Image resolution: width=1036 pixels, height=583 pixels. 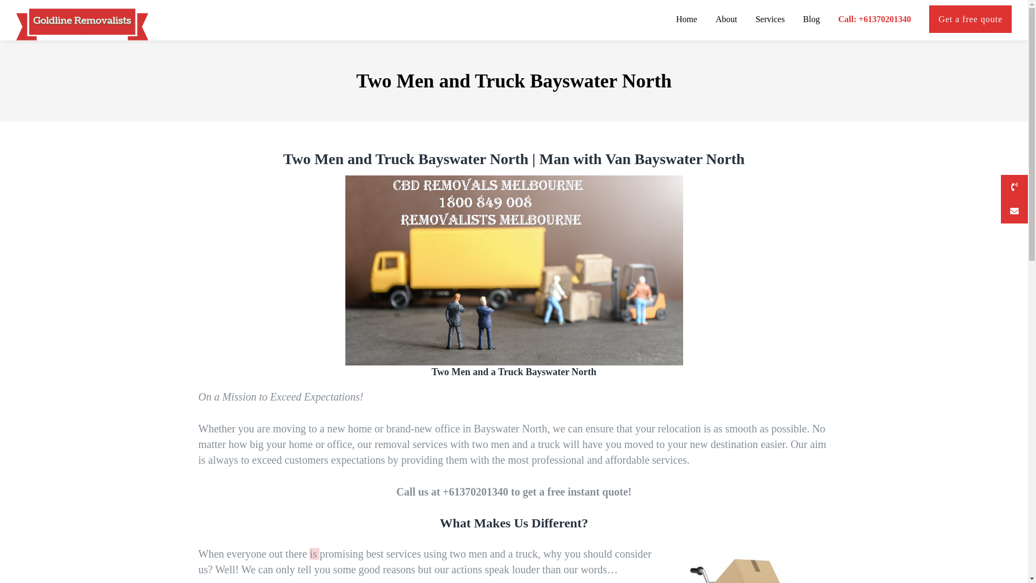 What do you see at coordinates (686, 20) in the screenshot?
I see `'Home'` at bounding box center [686, 20].